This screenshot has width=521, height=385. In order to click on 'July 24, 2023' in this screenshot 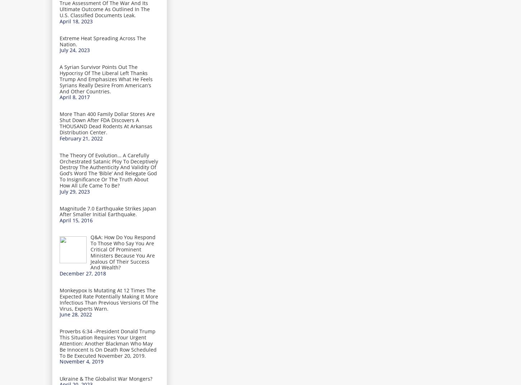, I will do `click(74, 50)`.